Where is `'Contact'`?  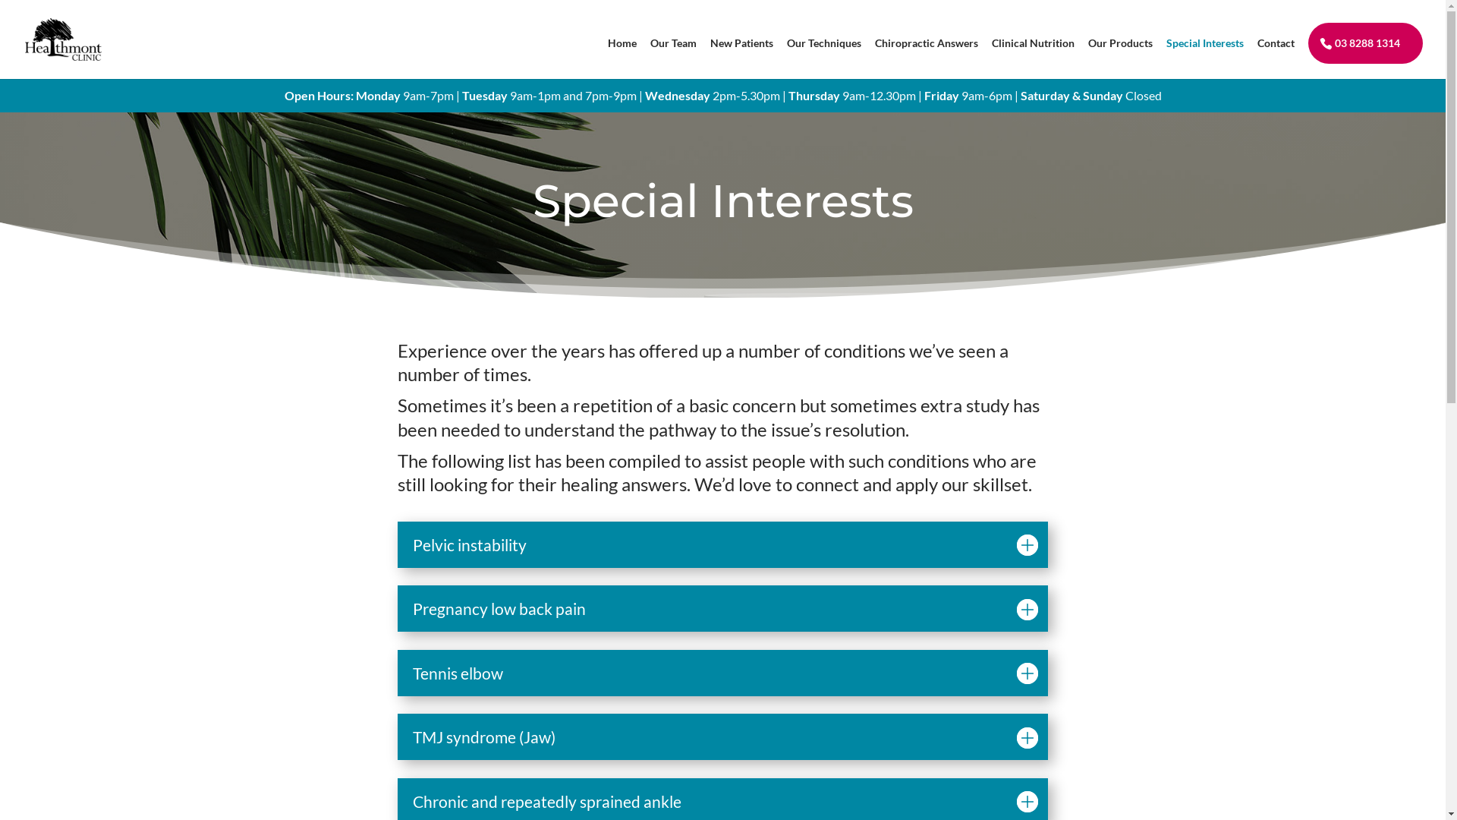
'Contact' is located at coordinates (1275, 54).